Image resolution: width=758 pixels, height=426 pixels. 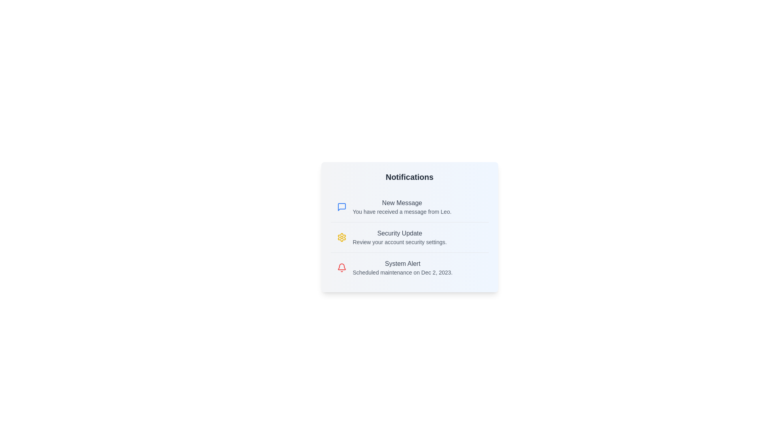 I want to click on the notification titled 'New Message' to view its details, so click(x=409, y=206).